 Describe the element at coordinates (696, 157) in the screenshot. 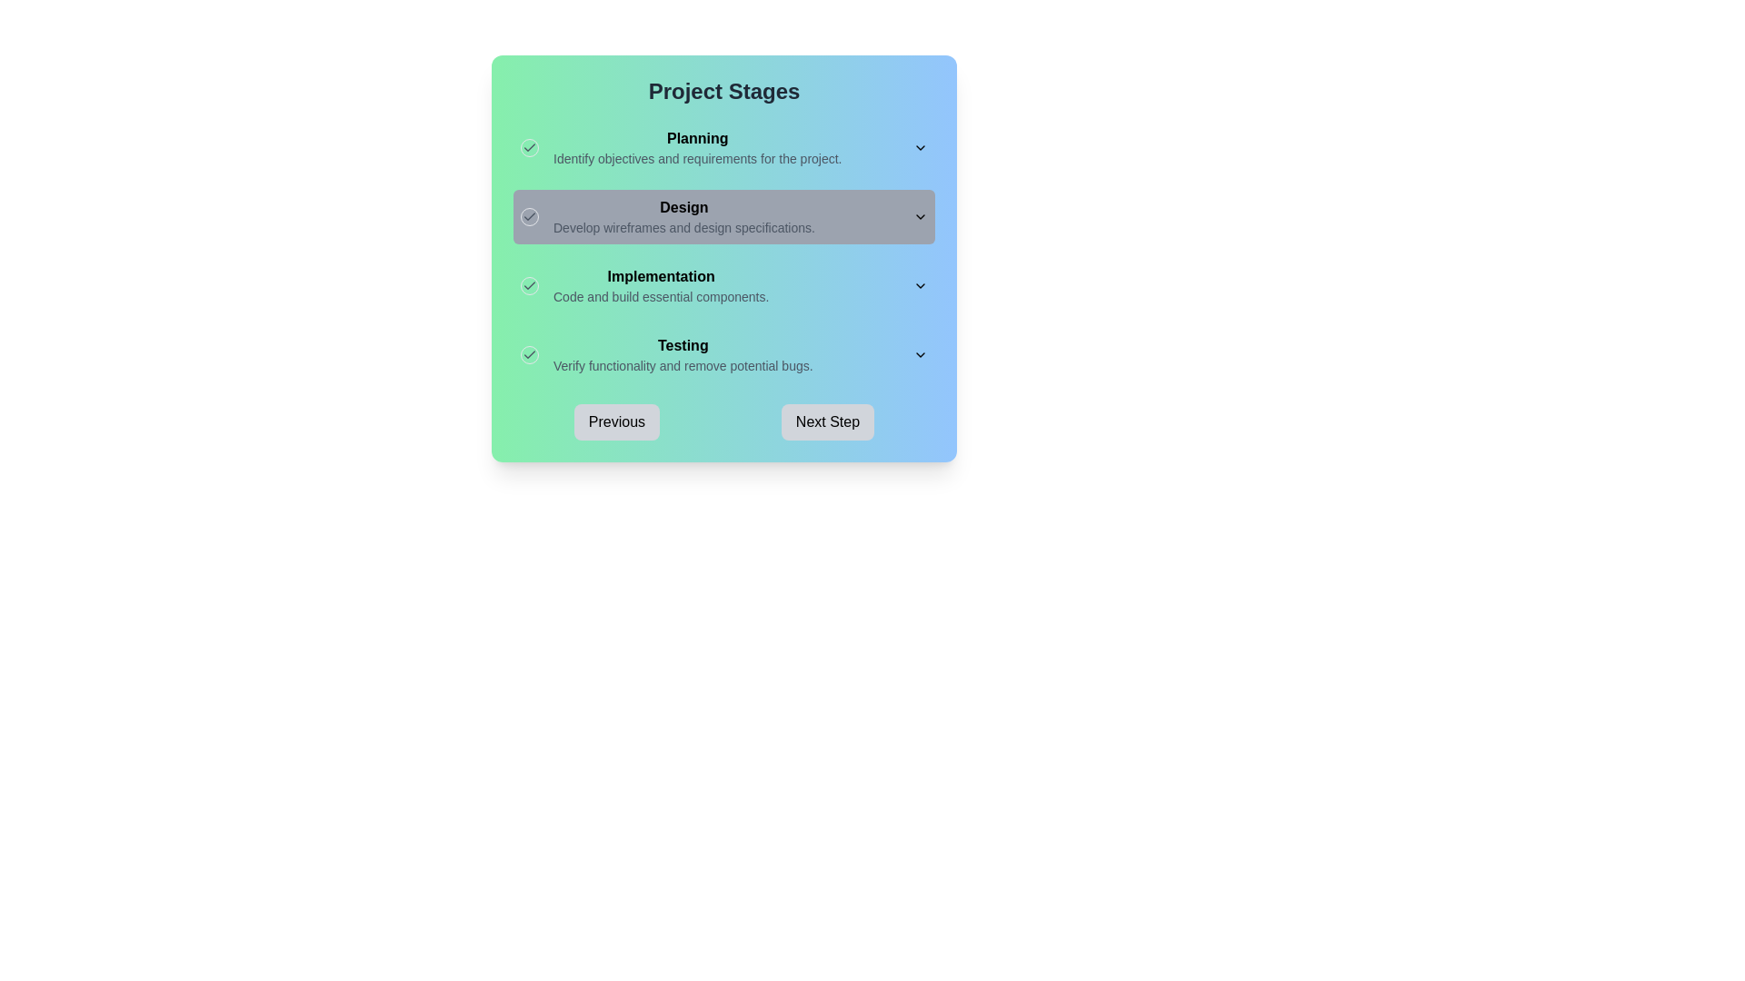

I see `the text label that reads 'Identify objectives and requirements for the project.' which is located under the 'Planning' section heading` at that location.